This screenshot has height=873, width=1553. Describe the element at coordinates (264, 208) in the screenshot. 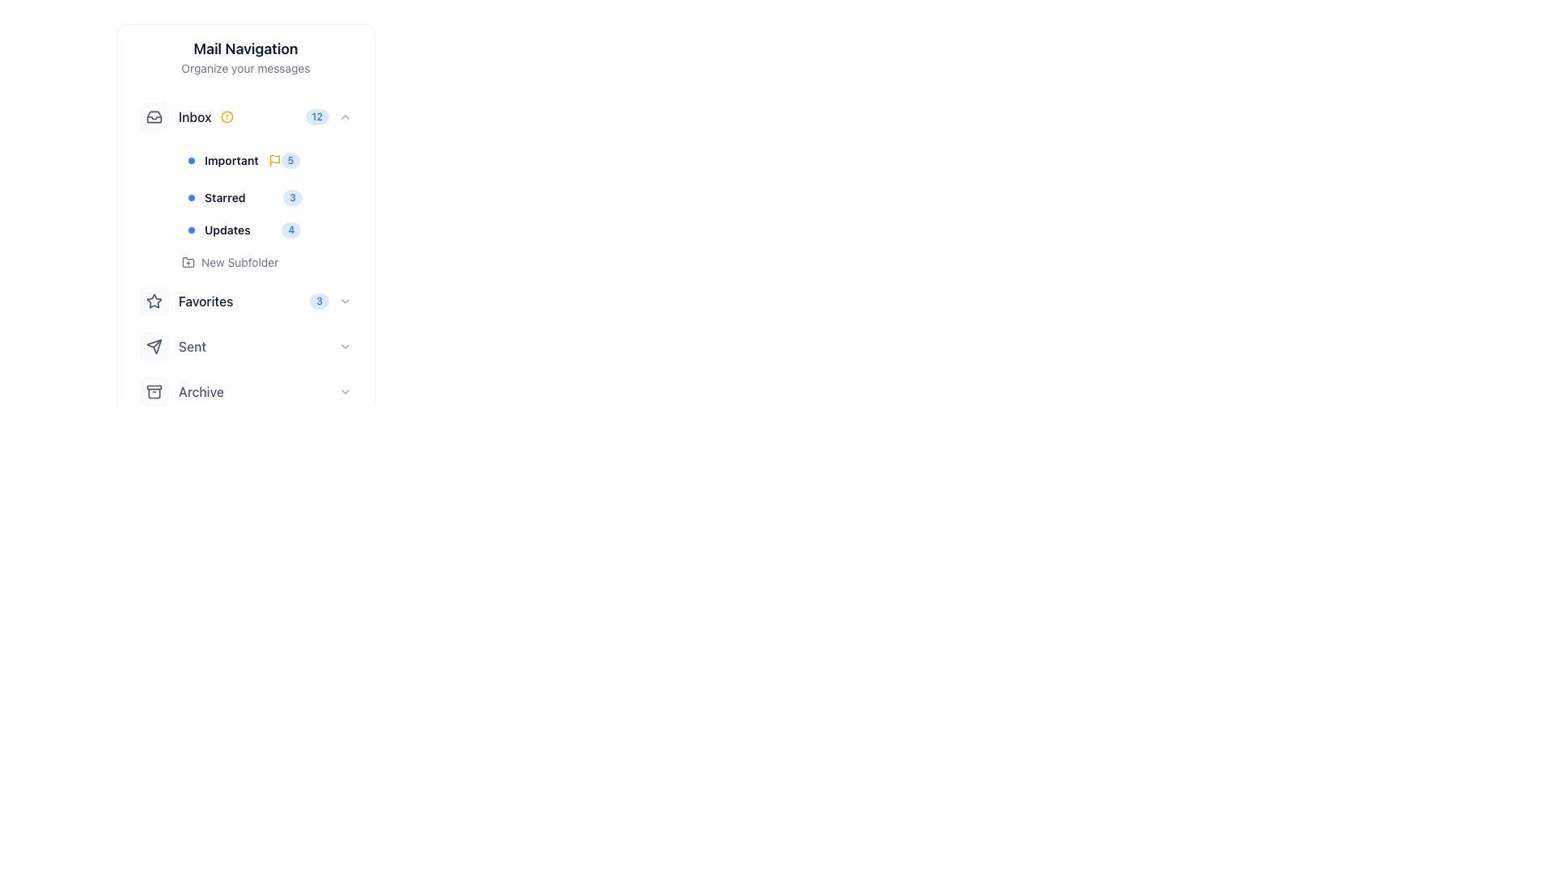

I see `the 'Starred' interactive button in the Inbox category` at that location.